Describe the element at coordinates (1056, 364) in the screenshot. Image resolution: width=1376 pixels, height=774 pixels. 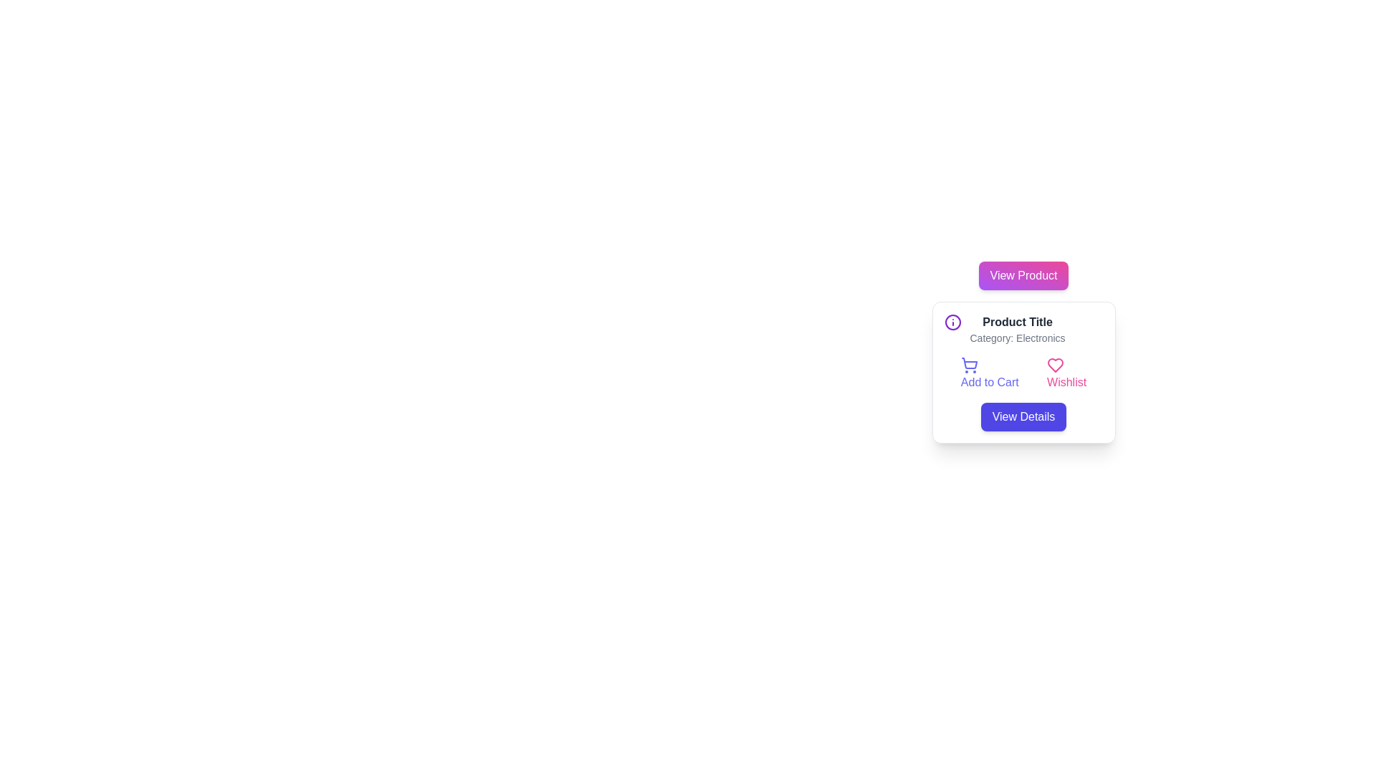
I see `the pink heart icon that is positioned to the left of the 'Wishlist' label within the product card UI` at that location.